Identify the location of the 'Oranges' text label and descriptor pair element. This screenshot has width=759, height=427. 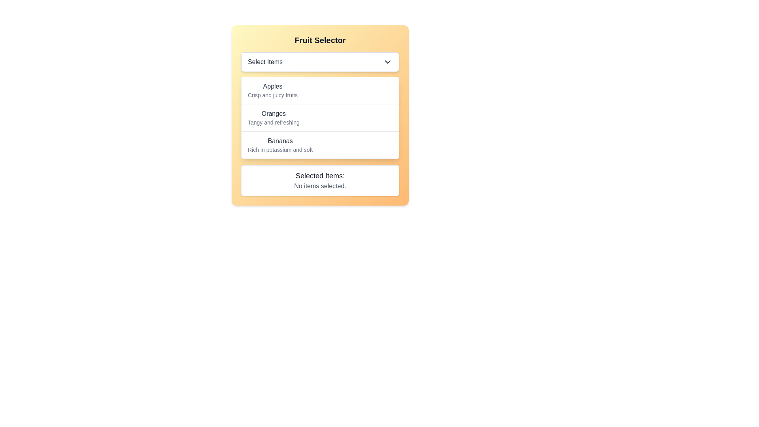
(274, 117).